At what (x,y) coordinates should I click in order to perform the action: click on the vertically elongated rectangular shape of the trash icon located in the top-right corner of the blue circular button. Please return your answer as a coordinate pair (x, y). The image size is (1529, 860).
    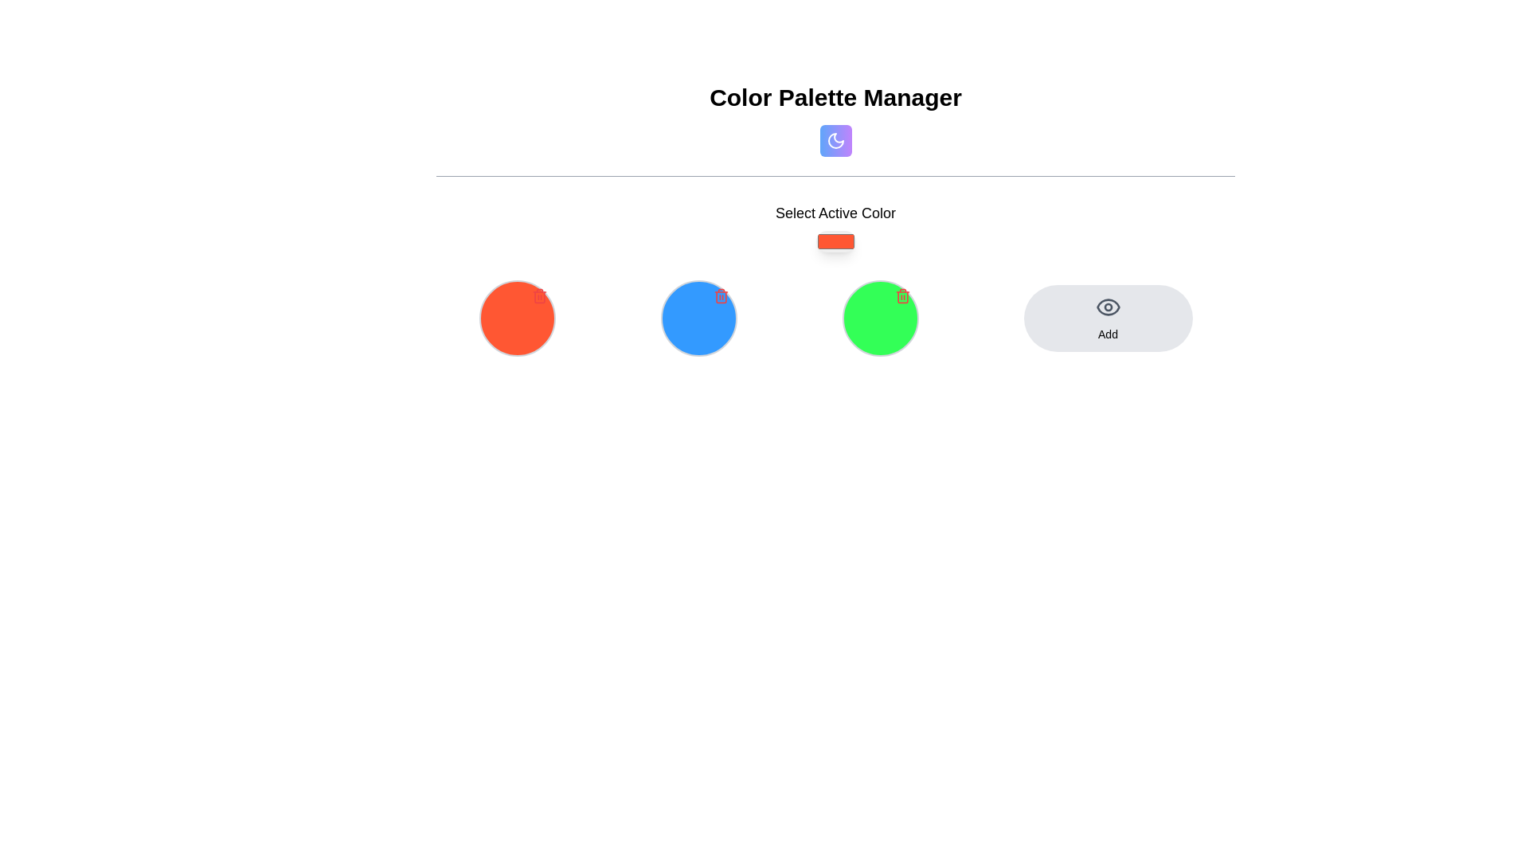
    Looking at the image, I should click on (720, 297).